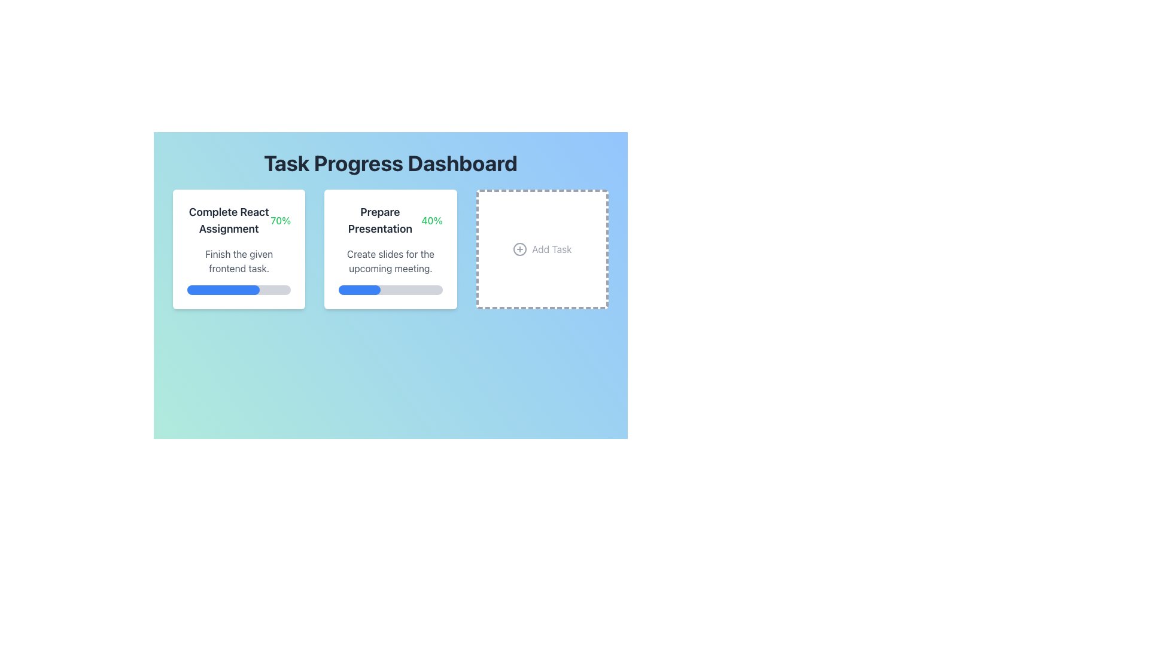 Image resolution: width=1149 pixels, height=646 pixels. Describe the element at coordinates (520, 248) in the screenshot. I see `the icon representing 'Add Task' located in the third column of the dashboard, which is the leftmost element in the 'Add Task' area` at that location.